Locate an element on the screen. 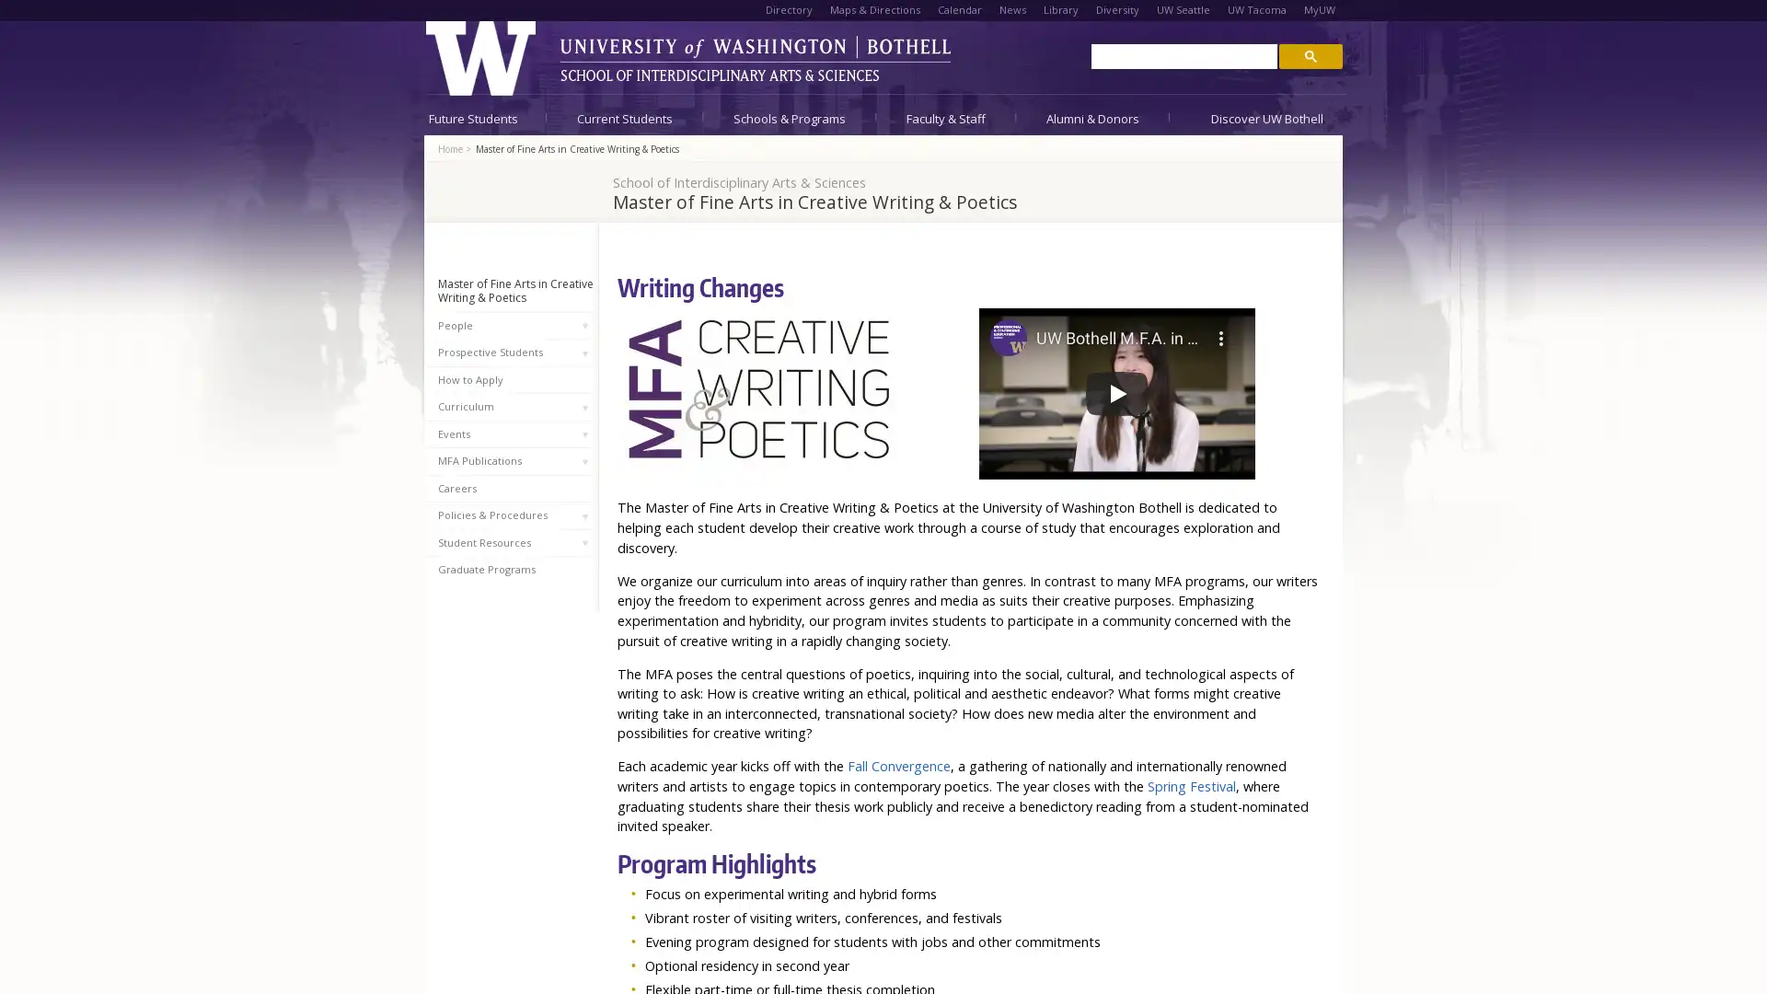 The width and height of the screenshot is (1767, 994). Policies & Procedures Submenu is located at coordinates (584, 515).